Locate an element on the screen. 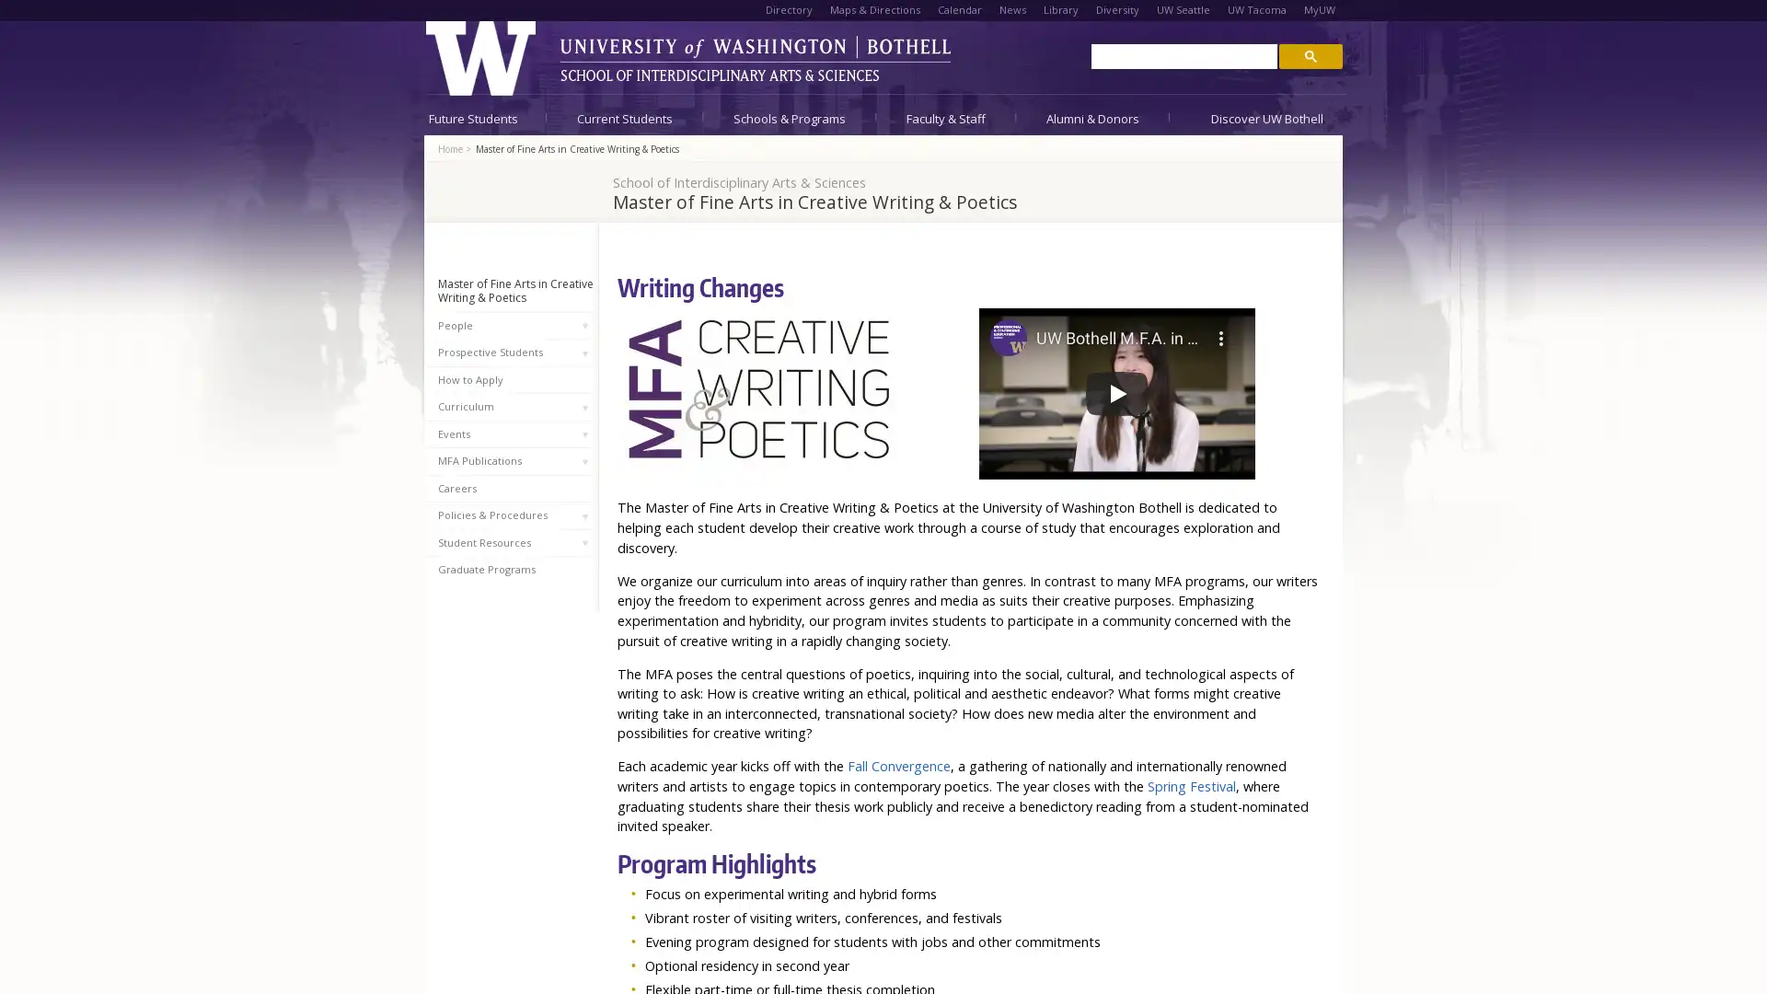 The width and height of the screenshot is (1767, 994). Policies & Procedures Submenu is located at coordinates (584, 515).